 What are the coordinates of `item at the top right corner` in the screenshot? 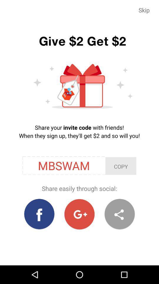 It's located at (144, 10).